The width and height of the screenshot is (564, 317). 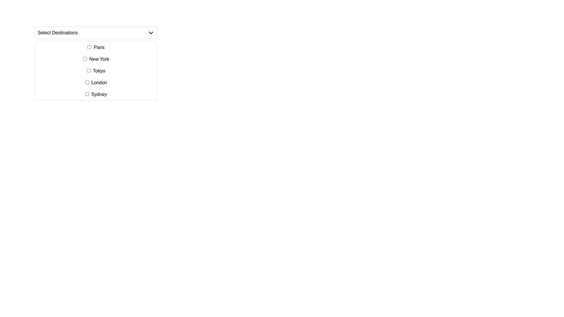 I want to click on the checkbox for the 'London' selectable list item, so click(x=96, y=82).